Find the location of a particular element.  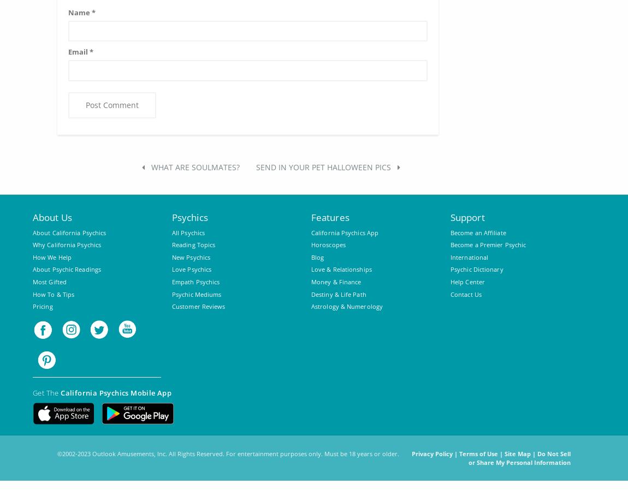

'Name' is located at coordinates (68, 11).